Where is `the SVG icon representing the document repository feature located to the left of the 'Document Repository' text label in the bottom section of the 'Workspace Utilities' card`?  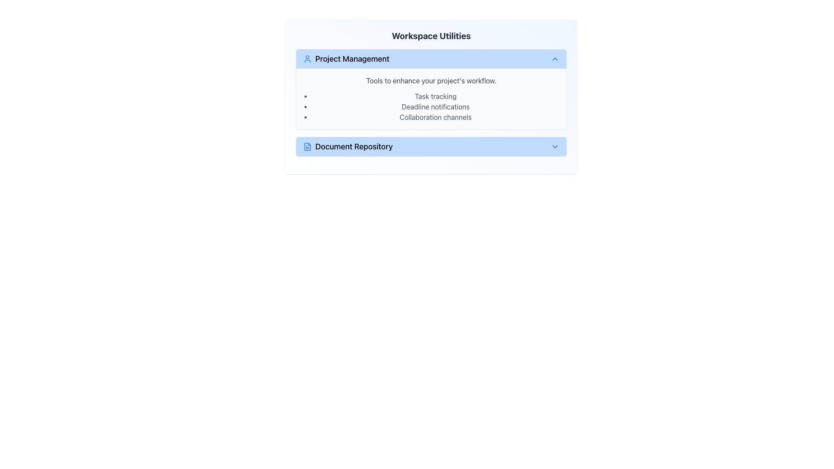
the SVG icon representing the document repository feature located to the left of the 'Document Repository' text label in the bottom section of the 'Workspace Utilities' card is located at coordinates (308, 146).